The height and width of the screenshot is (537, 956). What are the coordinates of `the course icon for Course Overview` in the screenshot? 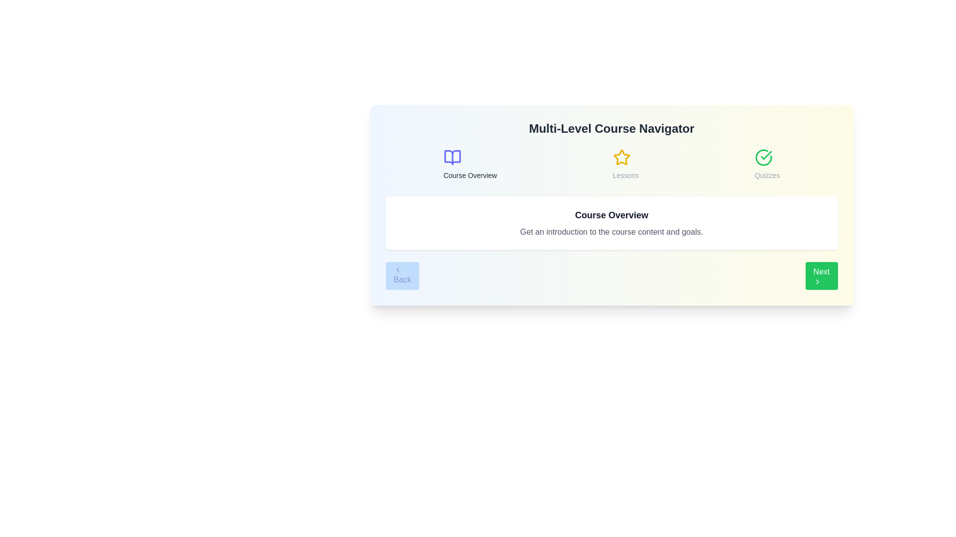 It's located at (452, 157).